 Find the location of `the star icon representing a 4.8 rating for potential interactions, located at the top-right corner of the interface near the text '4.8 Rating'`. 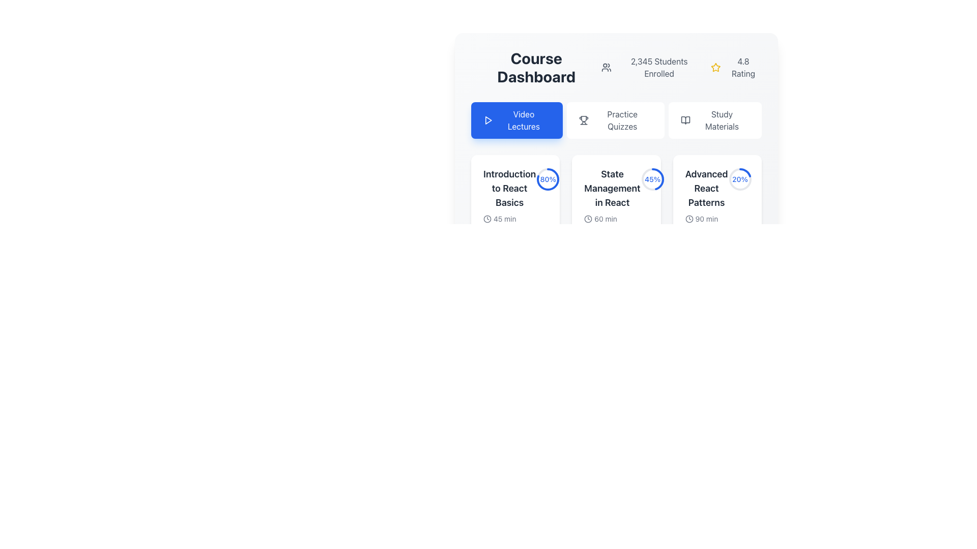

the star icon representing a 4.8 rating for potential interactions, located at the top-right corner of the interface near the text '4.8 Rating' is located at coordinates (715, 67).